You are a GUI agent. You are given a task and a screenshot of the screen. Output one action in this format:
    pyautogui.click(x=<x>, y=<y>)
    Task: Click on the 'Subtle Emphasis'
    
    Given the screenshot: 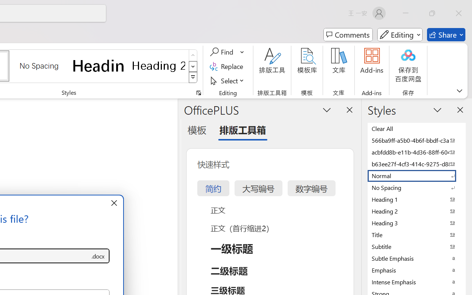 What is the action you would take?
    pyautogui.click(x=417, y=258)
    